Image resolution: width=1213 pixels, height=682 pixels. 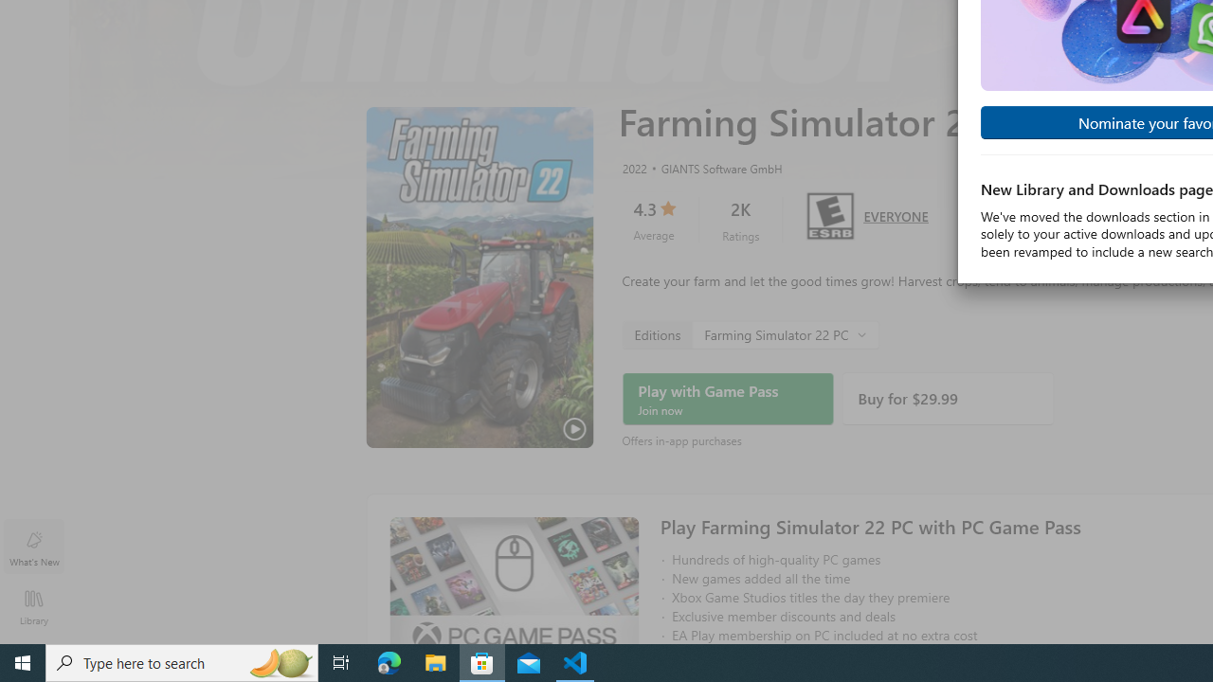 I want to click on '4.3 stars. Click to skip to ratings and reviews', so click(x=653, y=219).